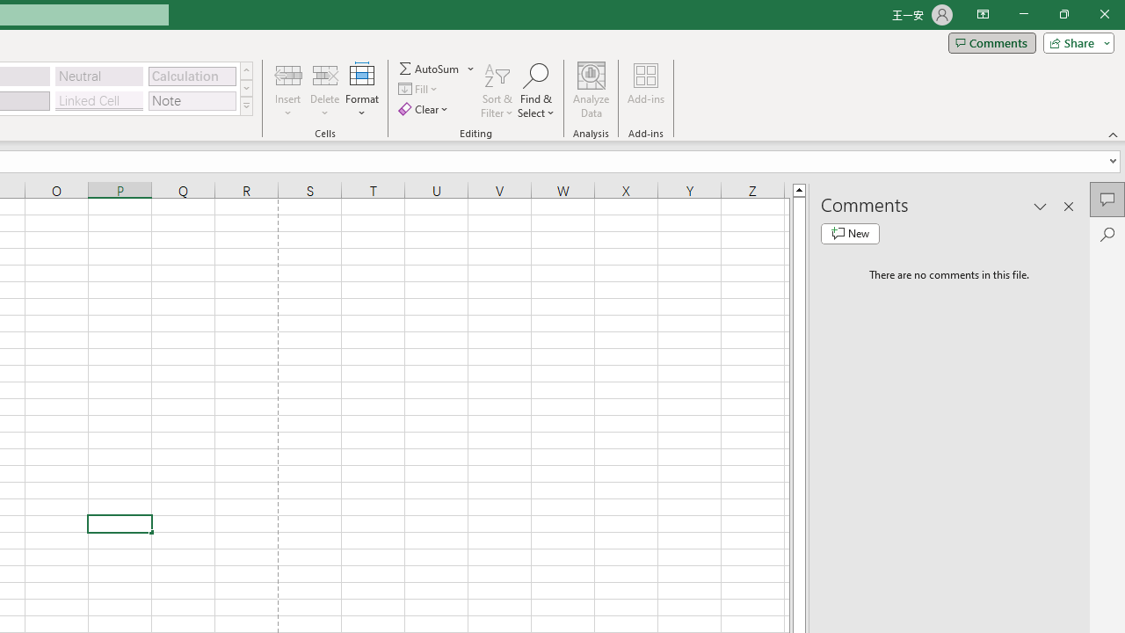 This screenshot has width=1125, height=633. What do you see at coordinates (850, 233) in the screenshot?
I see `'New comment'` at bounding box center [850, 233].